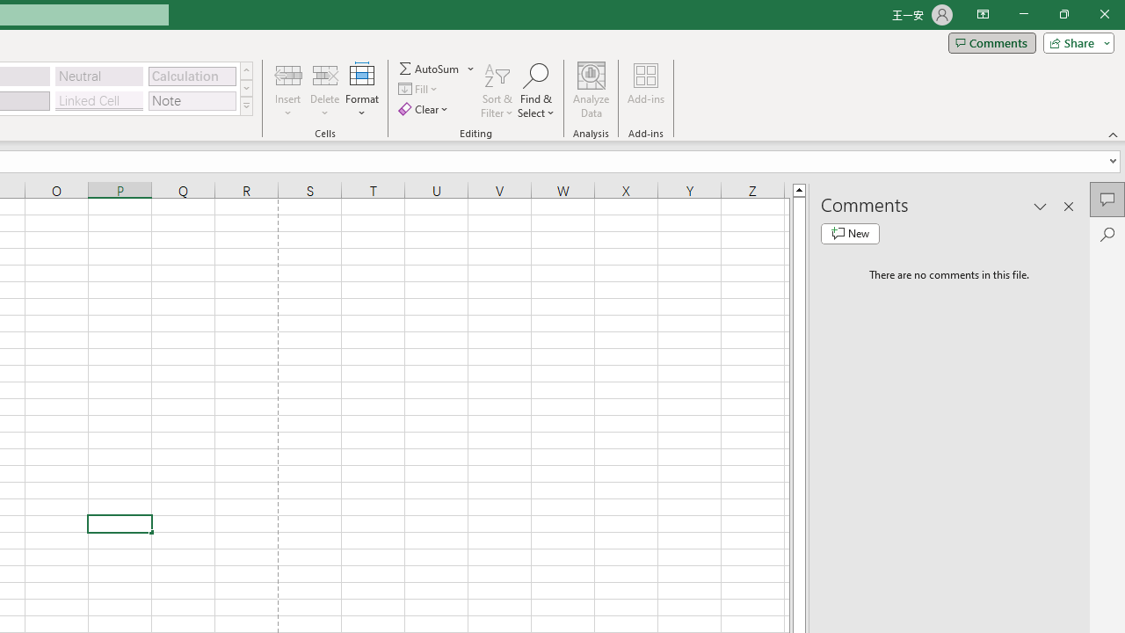 This screenshot has width=1125, height=633. What do you see at coordinates (850, 233) in the screenshot?
I see `'New comment'` at bounding box center [850, 233].